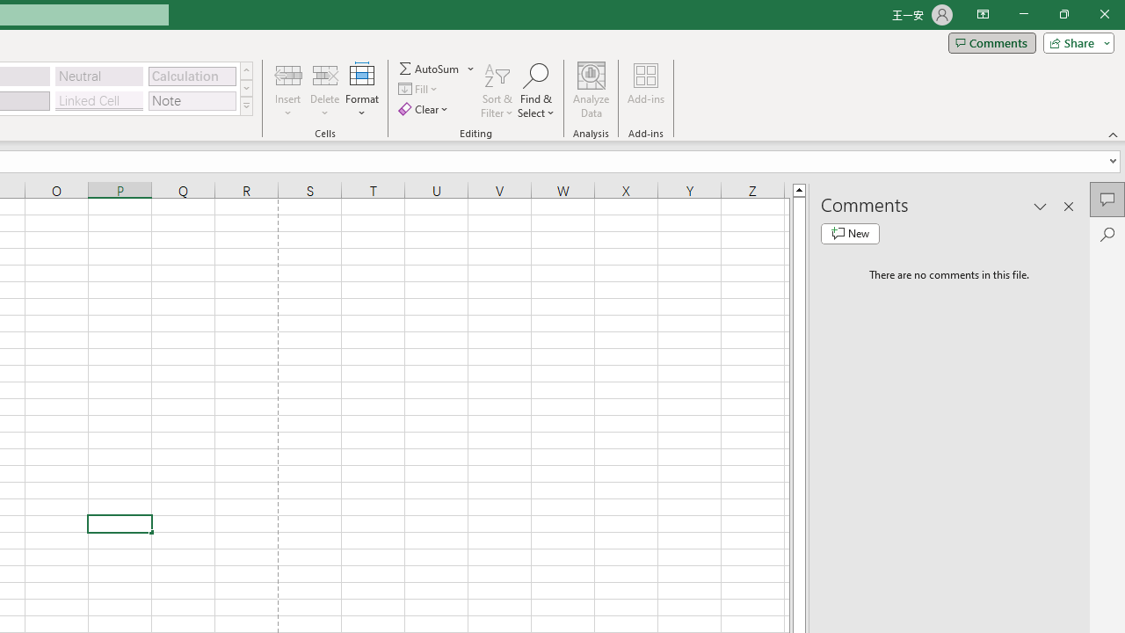 This screenshot has width=1125, height=633. What do you see at coordinates (850, 233) in the screenshot?
I see `'New comment'` at bounding box center [850, 233].